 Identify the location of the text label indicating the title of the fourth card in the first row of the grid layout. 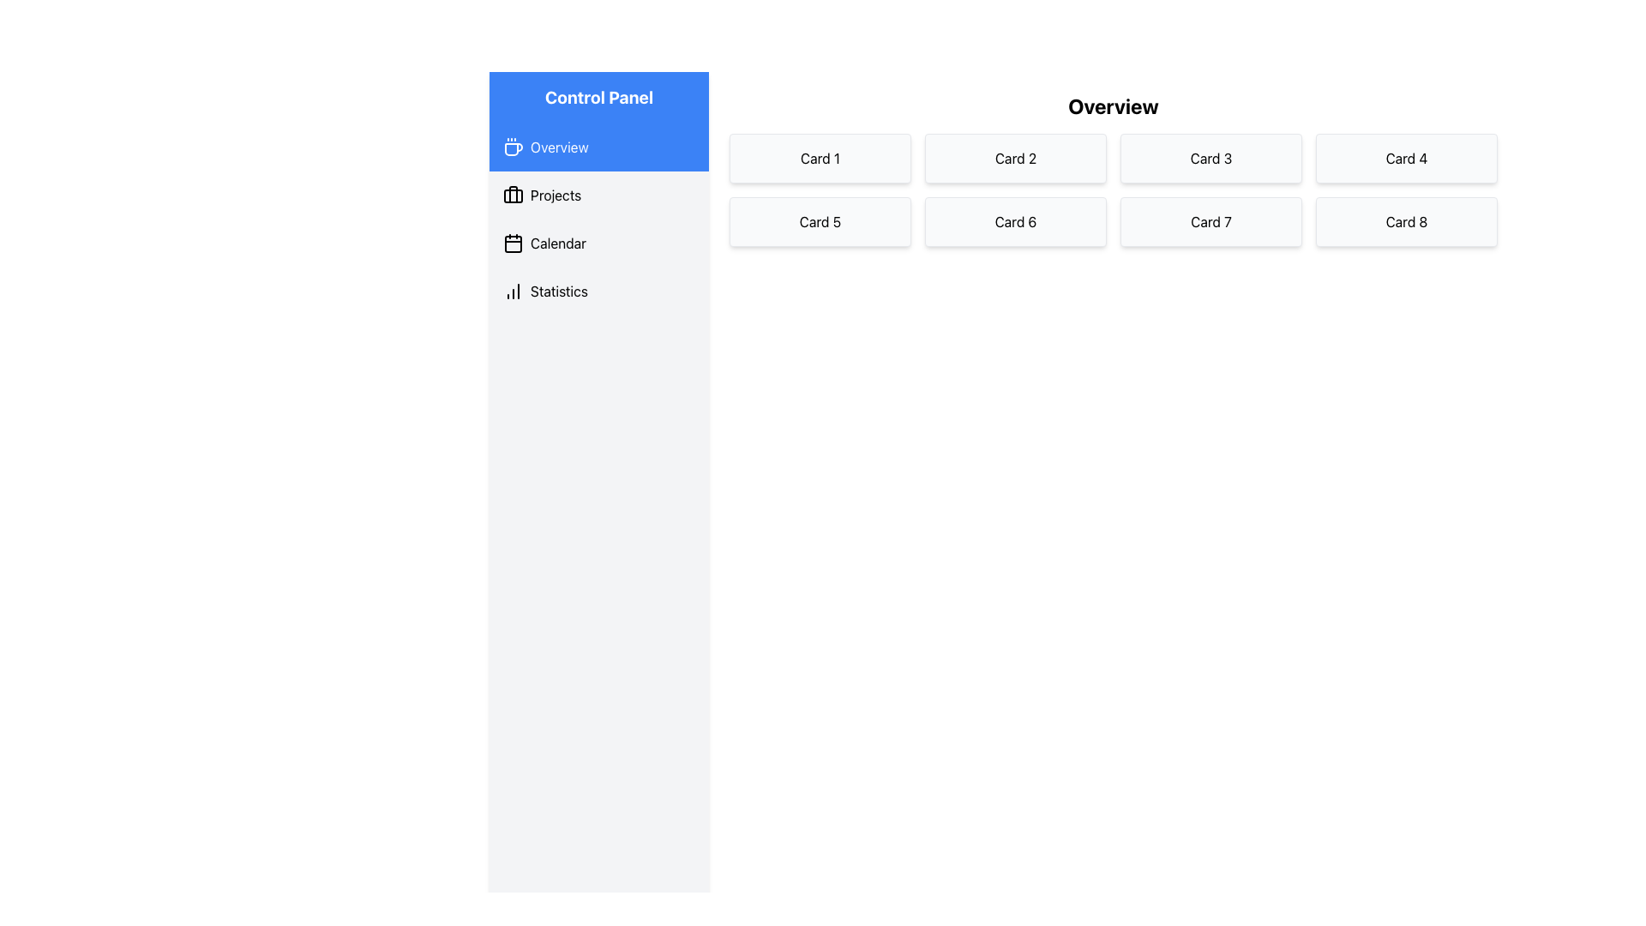
(1407, 159).